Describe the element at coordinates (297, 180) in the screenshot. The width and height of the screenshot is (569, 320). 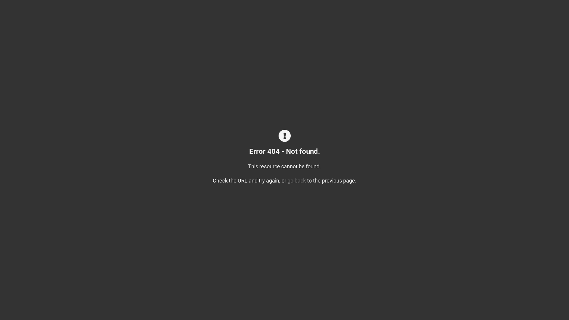
I see `'go back'` at that location.